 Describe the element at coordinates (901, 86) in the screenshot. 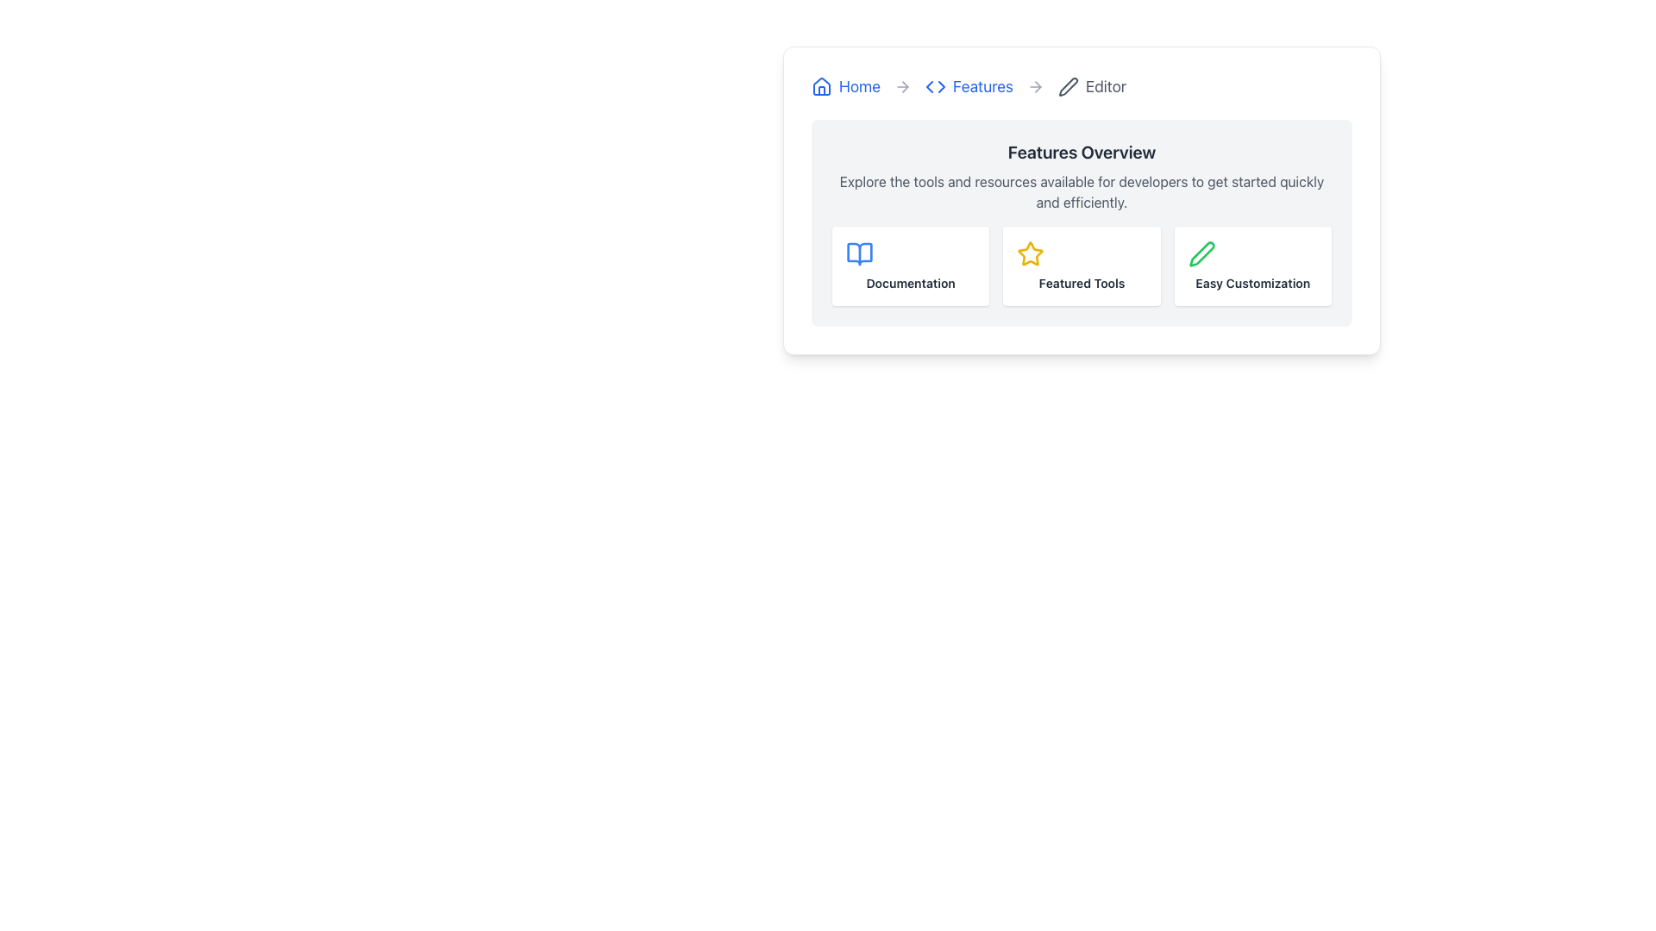

I see `the right-pointing arrow-shaped icon in the breadcrumb navigation bar` at that location.